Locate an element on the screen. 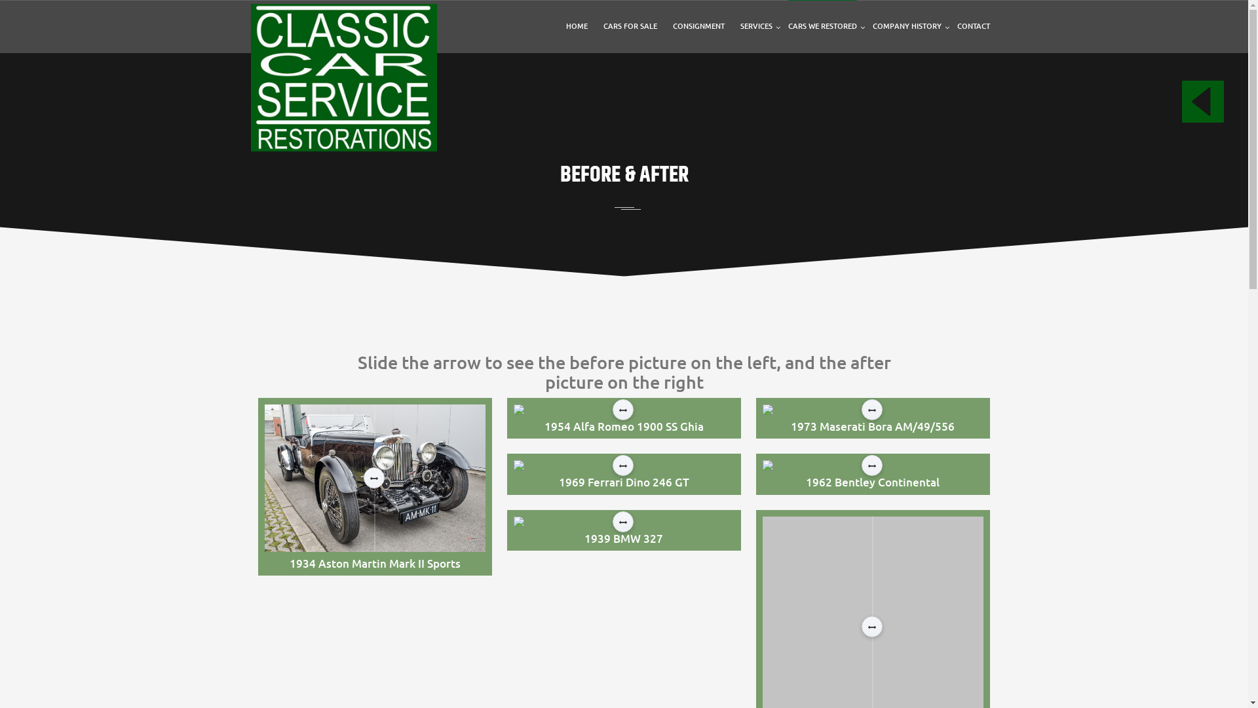 The width and height of the screenshot is (1258, 708). 'HOME' is located at coordinates (577, 26).